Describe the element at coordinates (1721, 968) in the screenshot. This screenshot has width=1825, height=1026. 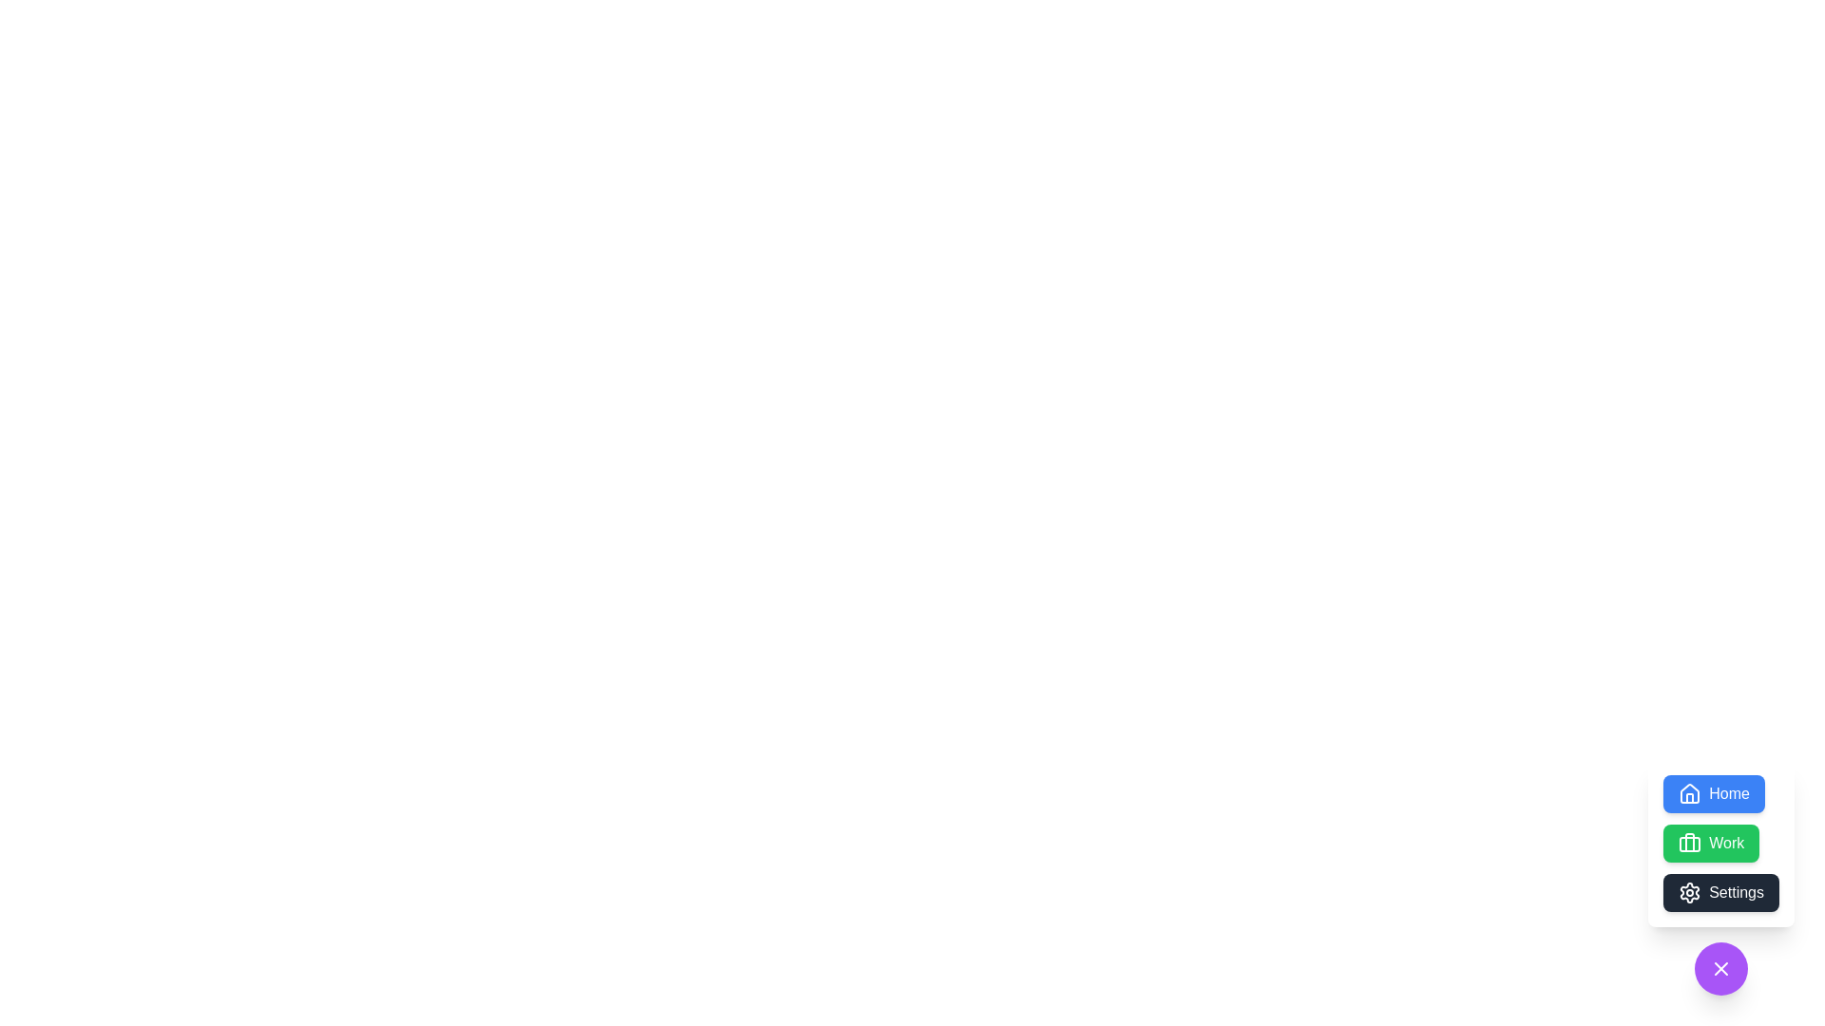
I see `the 'X' shaped icon with a purple background located at the bottom-right corner of the interface` at that location.